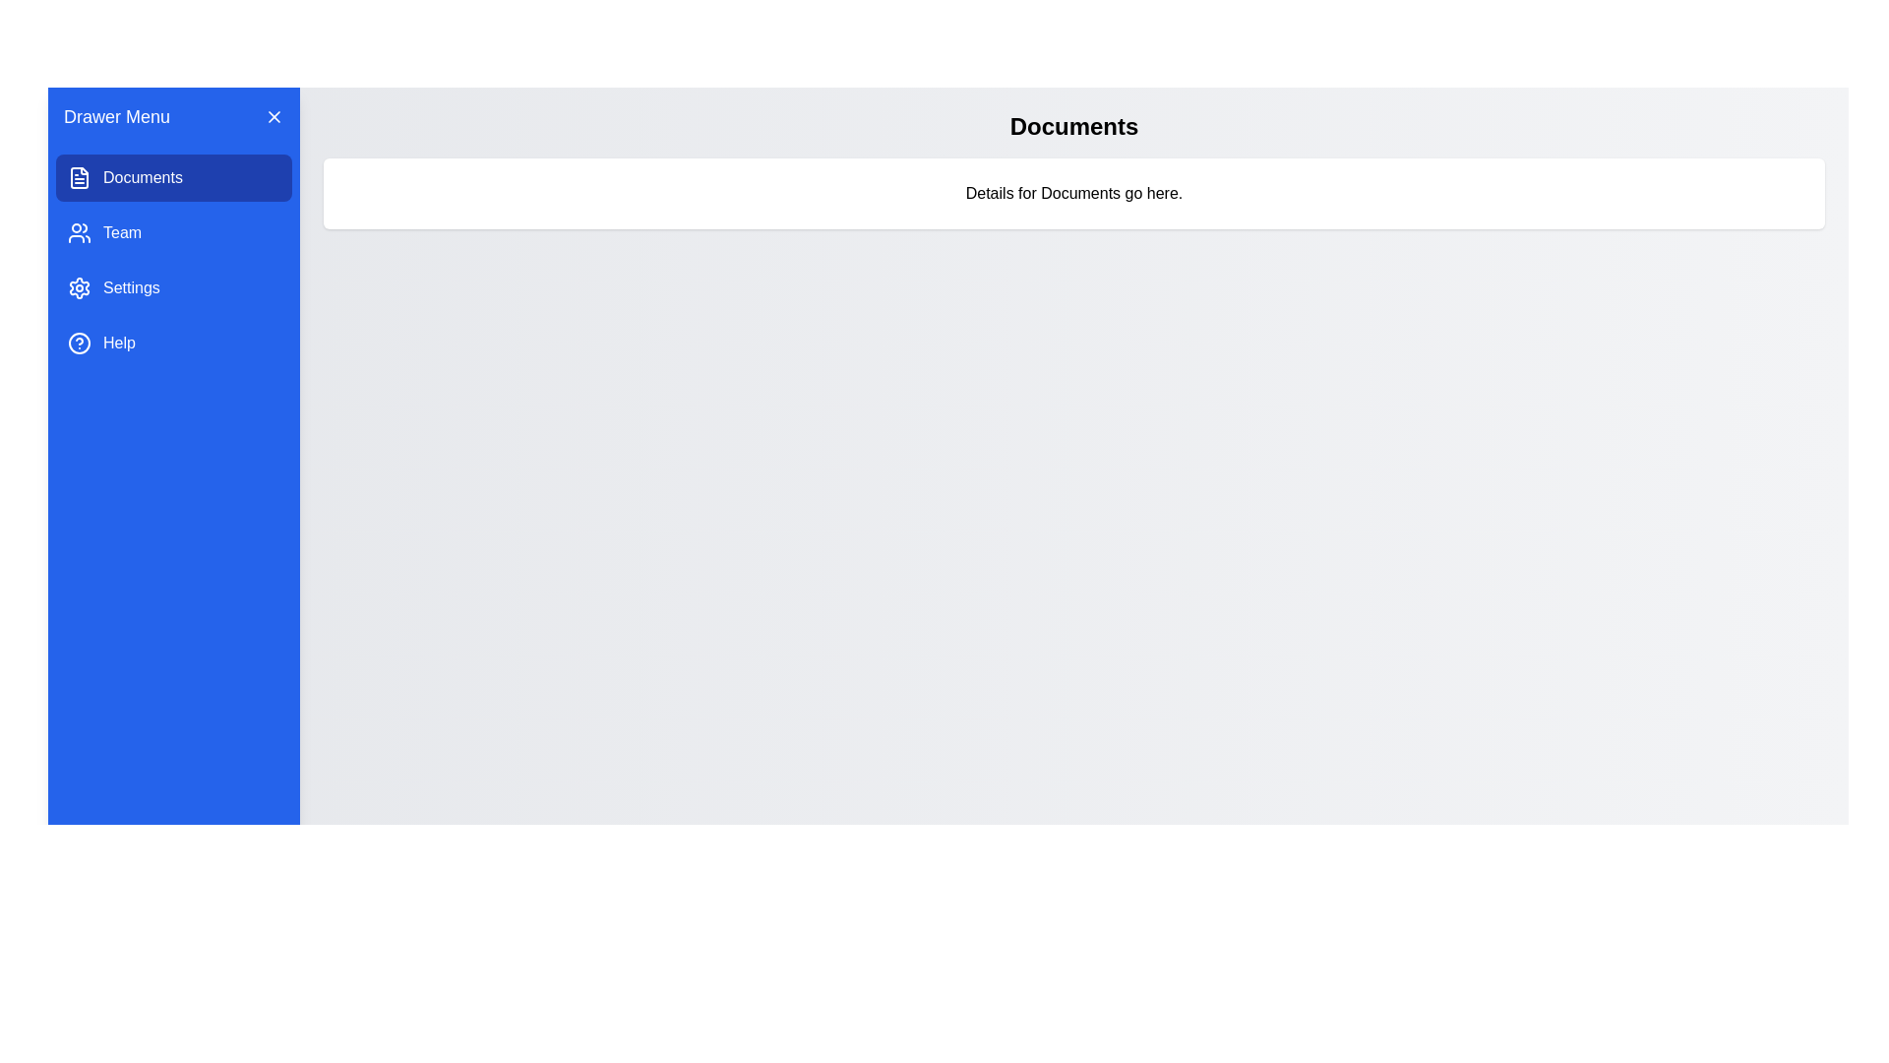  Describe the element at coordinates (174, 288) in the screenshot. I see `the menu item Settings to change the active content` at that location.